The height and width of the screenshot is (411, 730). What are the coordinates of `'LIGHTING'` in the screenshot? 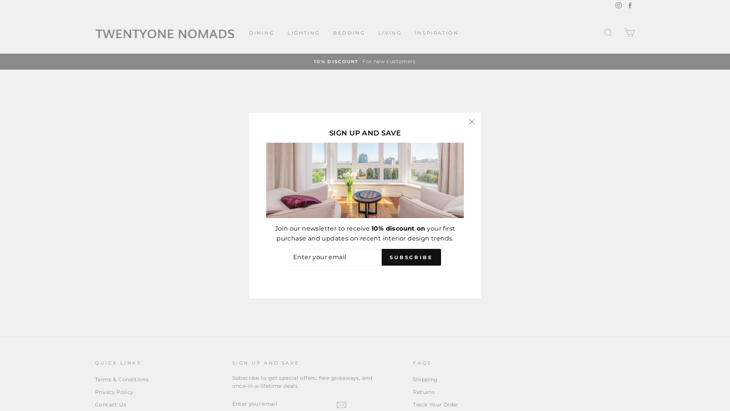 It's located at (303, 32).